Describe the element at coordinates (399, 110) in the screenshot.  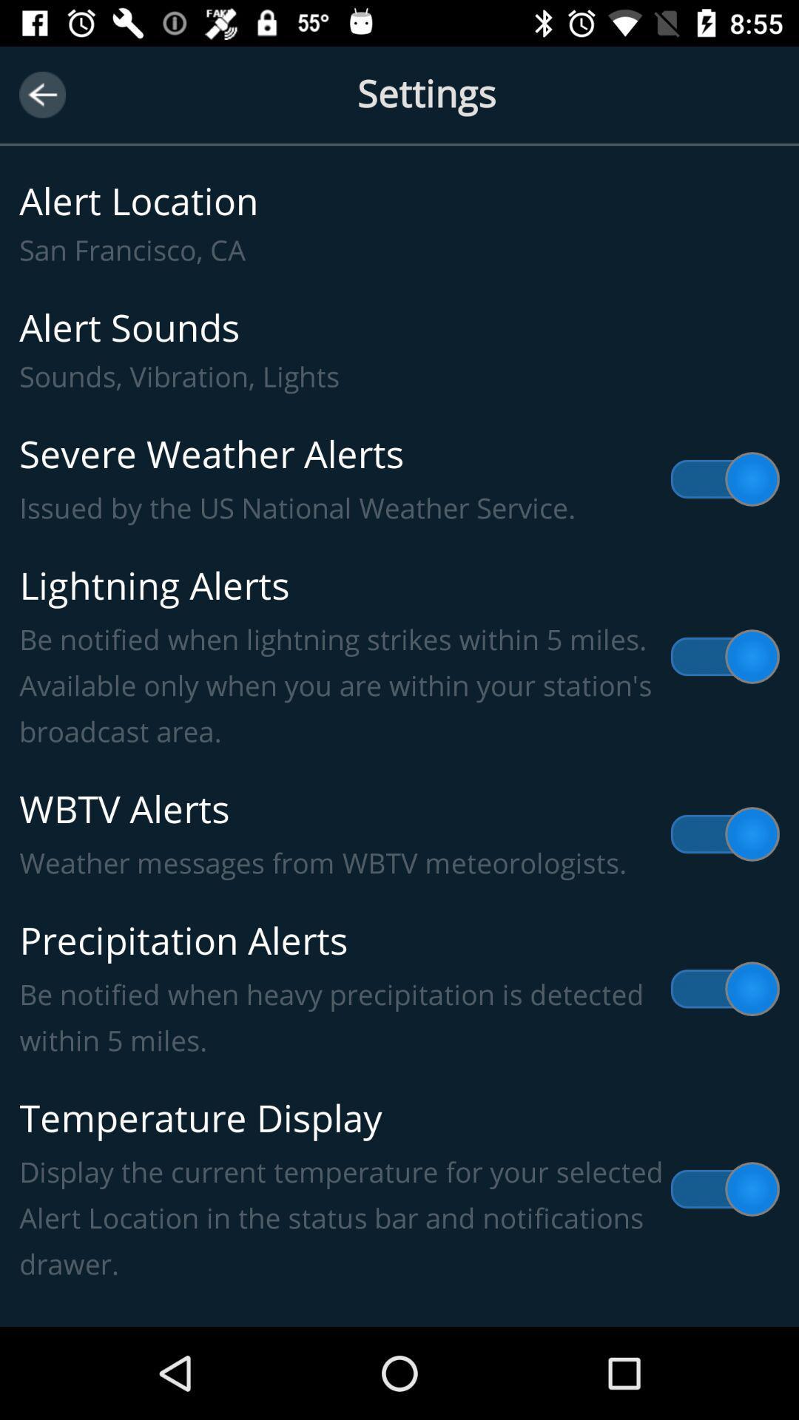
I see `settings` at that location.